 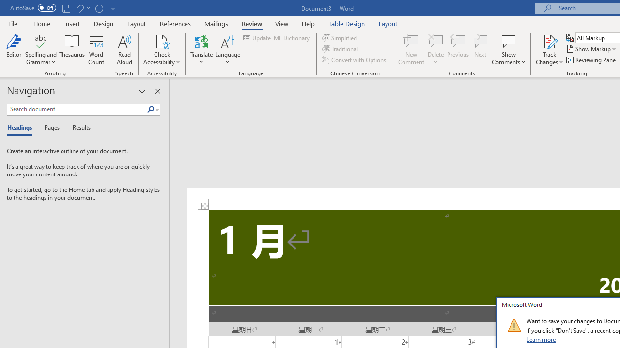 I want to click on 'Word Count', so click(x=96, y=50).